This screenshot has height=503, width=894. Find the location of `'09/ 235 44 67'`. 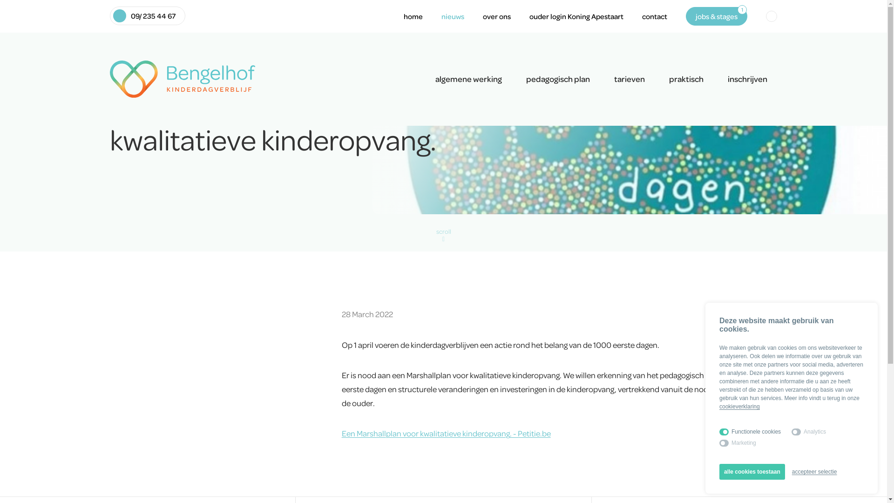

'09/ 235 44 67' is located at coordinates (109, 16).